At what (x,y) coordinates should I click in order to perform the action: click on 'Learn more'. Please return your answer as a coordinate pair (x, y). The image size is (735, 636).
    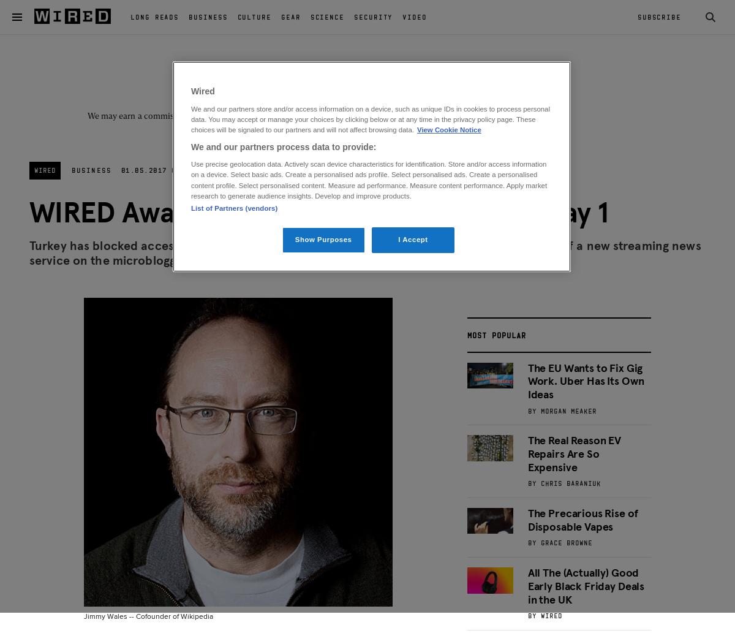
    Looking at the image, I should click on (423, 115).